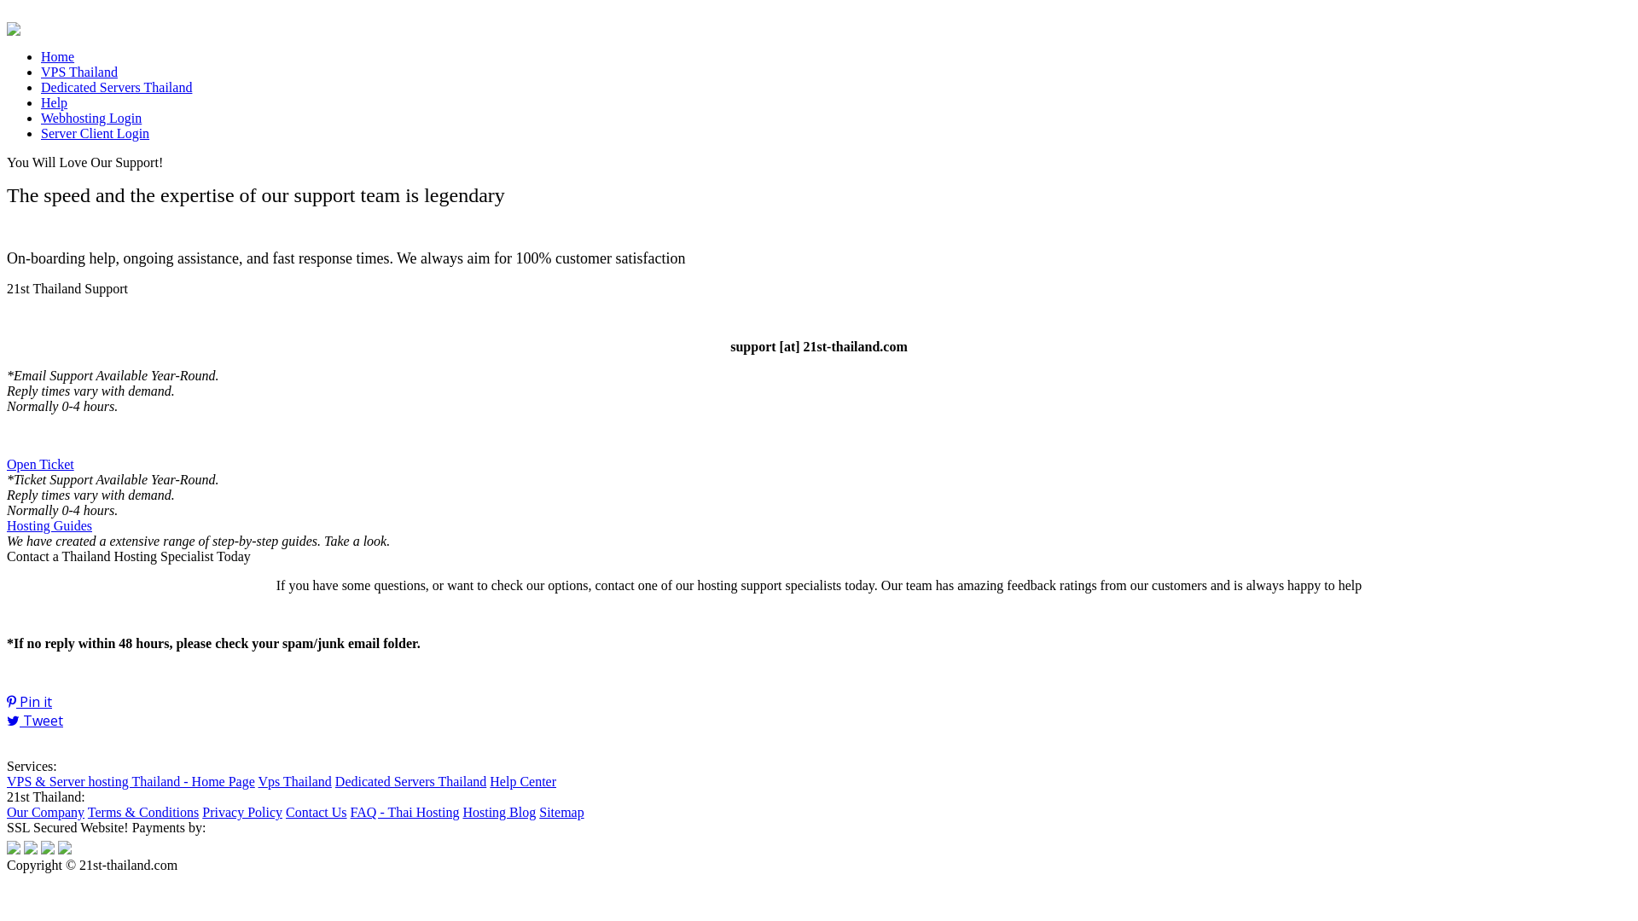 The height and width of the screenshot is (921, 1638). What do you see at coordinates (57, 55) in the screenshot?
I see `'Home'` at bounding box center [57, 55].